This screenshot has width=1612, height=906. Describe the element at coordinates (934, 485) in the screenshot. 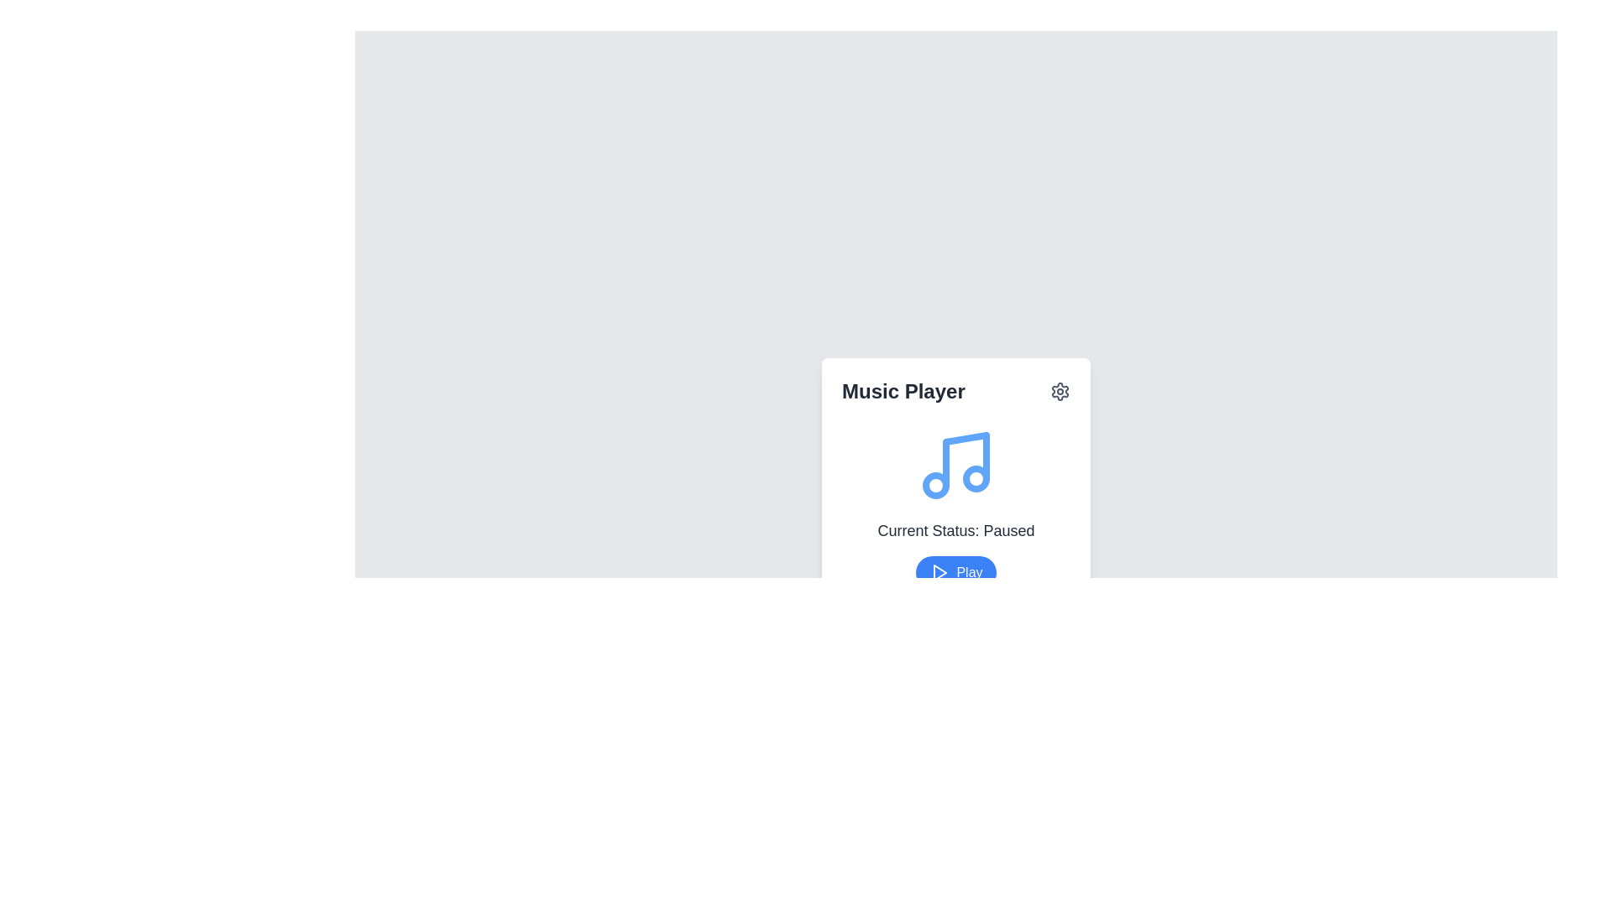

I see `the first circular shape (blue outline, white background) located near the base of the musical note icon, positioned to the left of the note's vertical stem` at that location.